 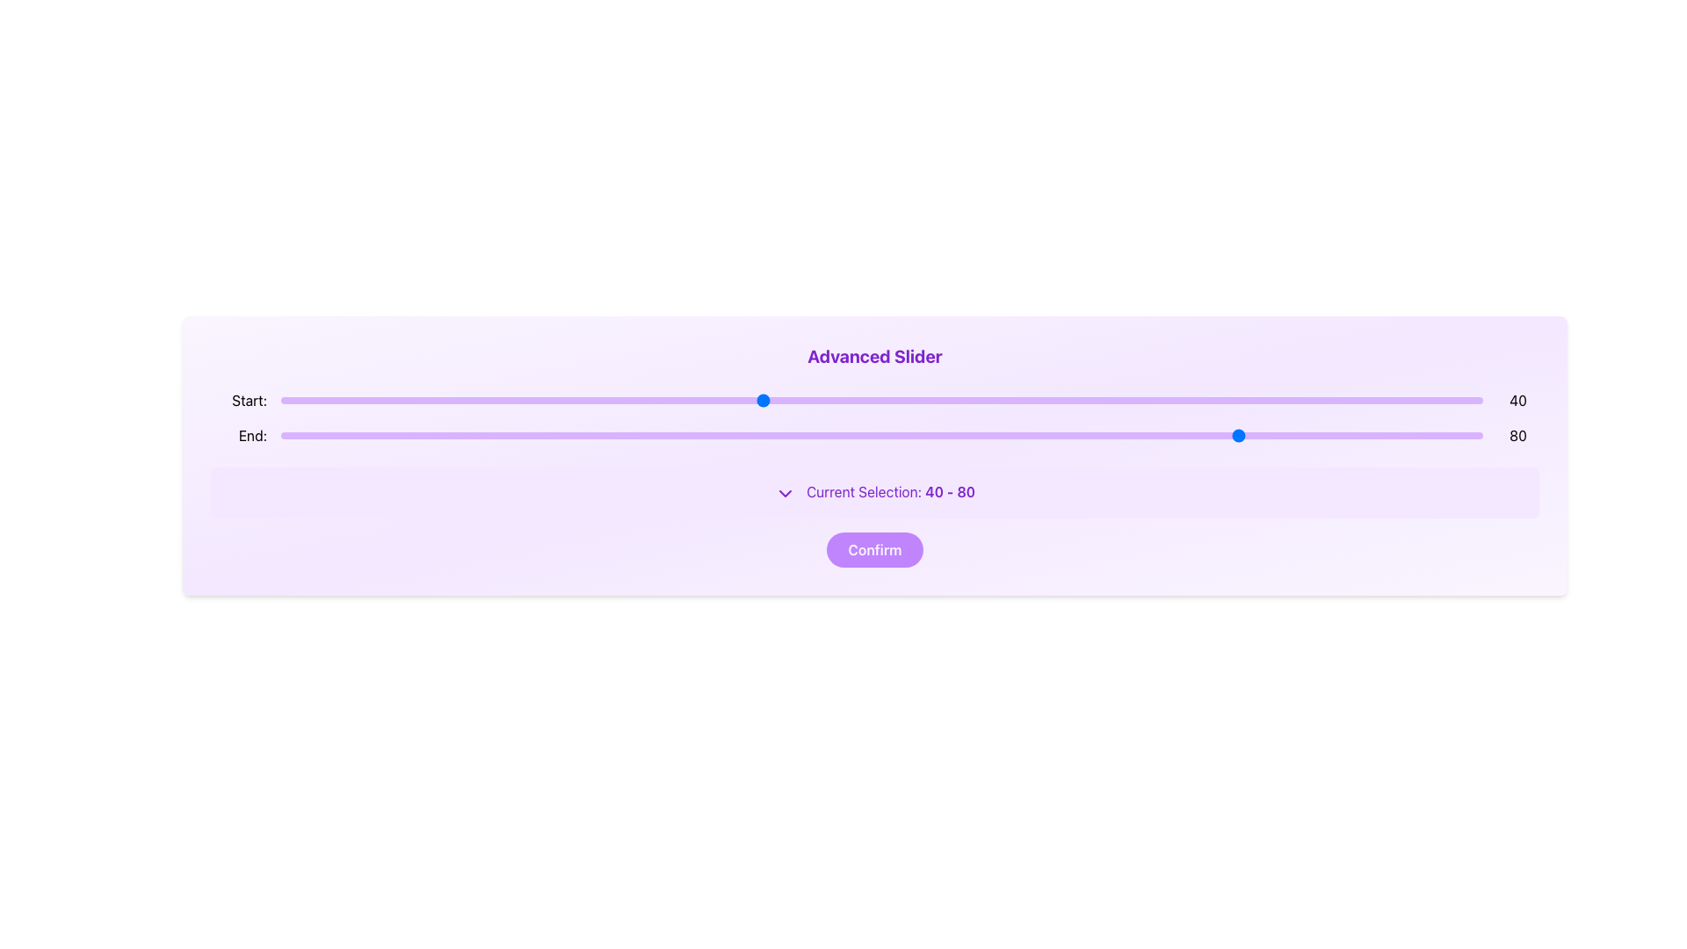 I want to click on the start slider, so click(x=713, y=400).